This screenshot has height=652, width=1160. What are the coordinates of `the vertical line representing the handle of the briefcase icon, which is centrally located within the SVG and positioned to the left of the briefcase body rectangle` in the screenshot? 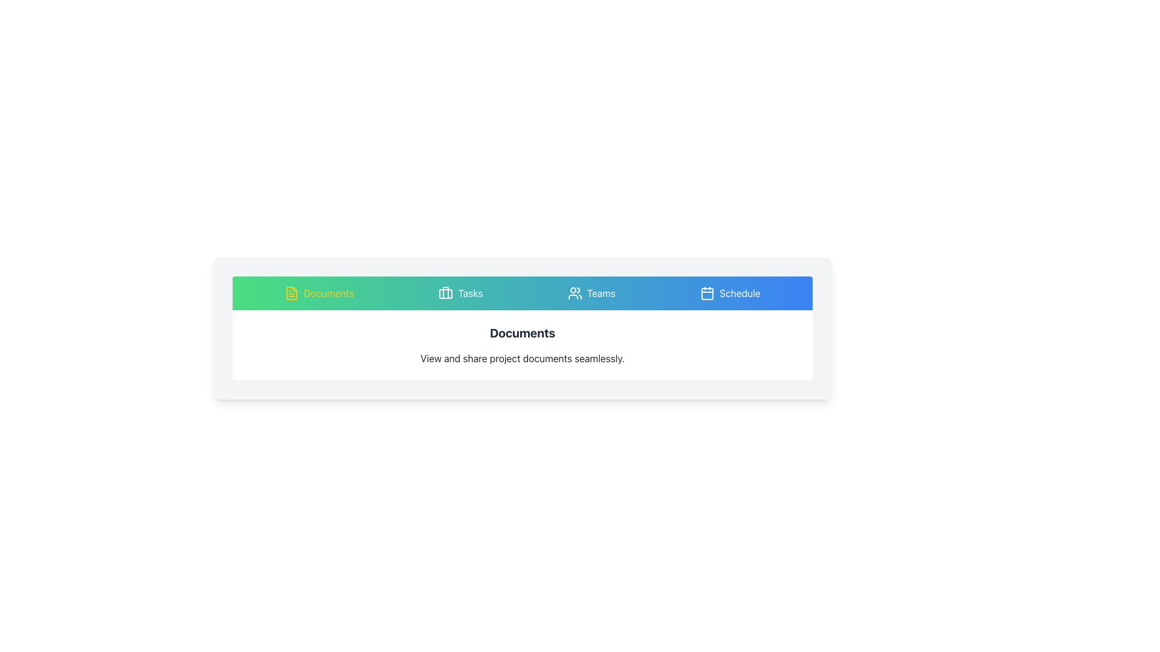 It's located at (445, 293).